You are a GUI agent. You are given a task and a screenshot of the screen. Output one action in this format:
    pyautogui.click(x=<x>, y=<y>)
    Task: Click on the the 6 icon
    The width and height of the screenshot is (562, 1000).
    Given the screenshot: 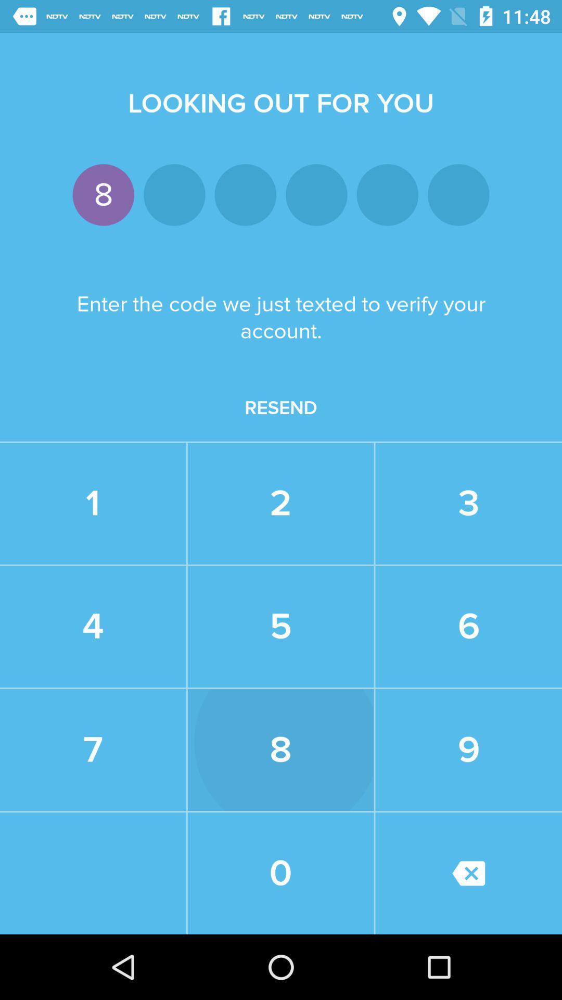 What is the action you would take?
    pyautogui.click(x=468, y=626)
    